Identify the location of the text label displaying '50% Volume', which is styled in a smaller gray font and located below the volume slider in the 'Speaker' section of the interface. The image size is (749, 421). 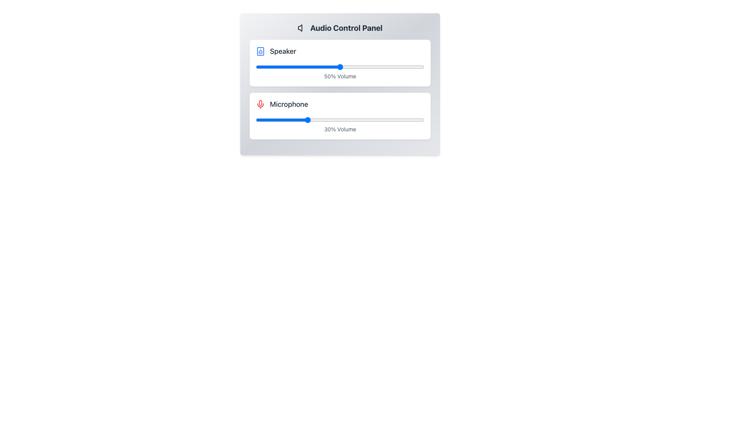
(340, 76).